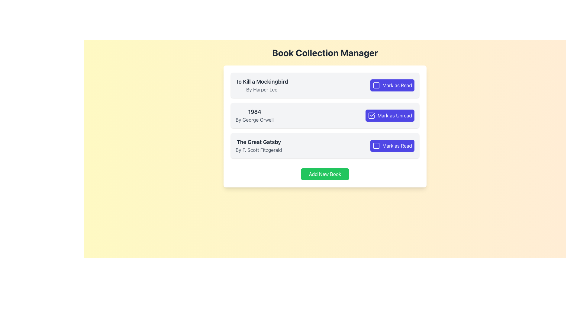  Describe the element at coordinates (259, 142) in the screenshot. I see `the text label displaying the title of the book located in the bottom row of a list, positioned above 'By F. Scott Fitzgerald' and to the left of the 'Mark as Read' button` at that location.